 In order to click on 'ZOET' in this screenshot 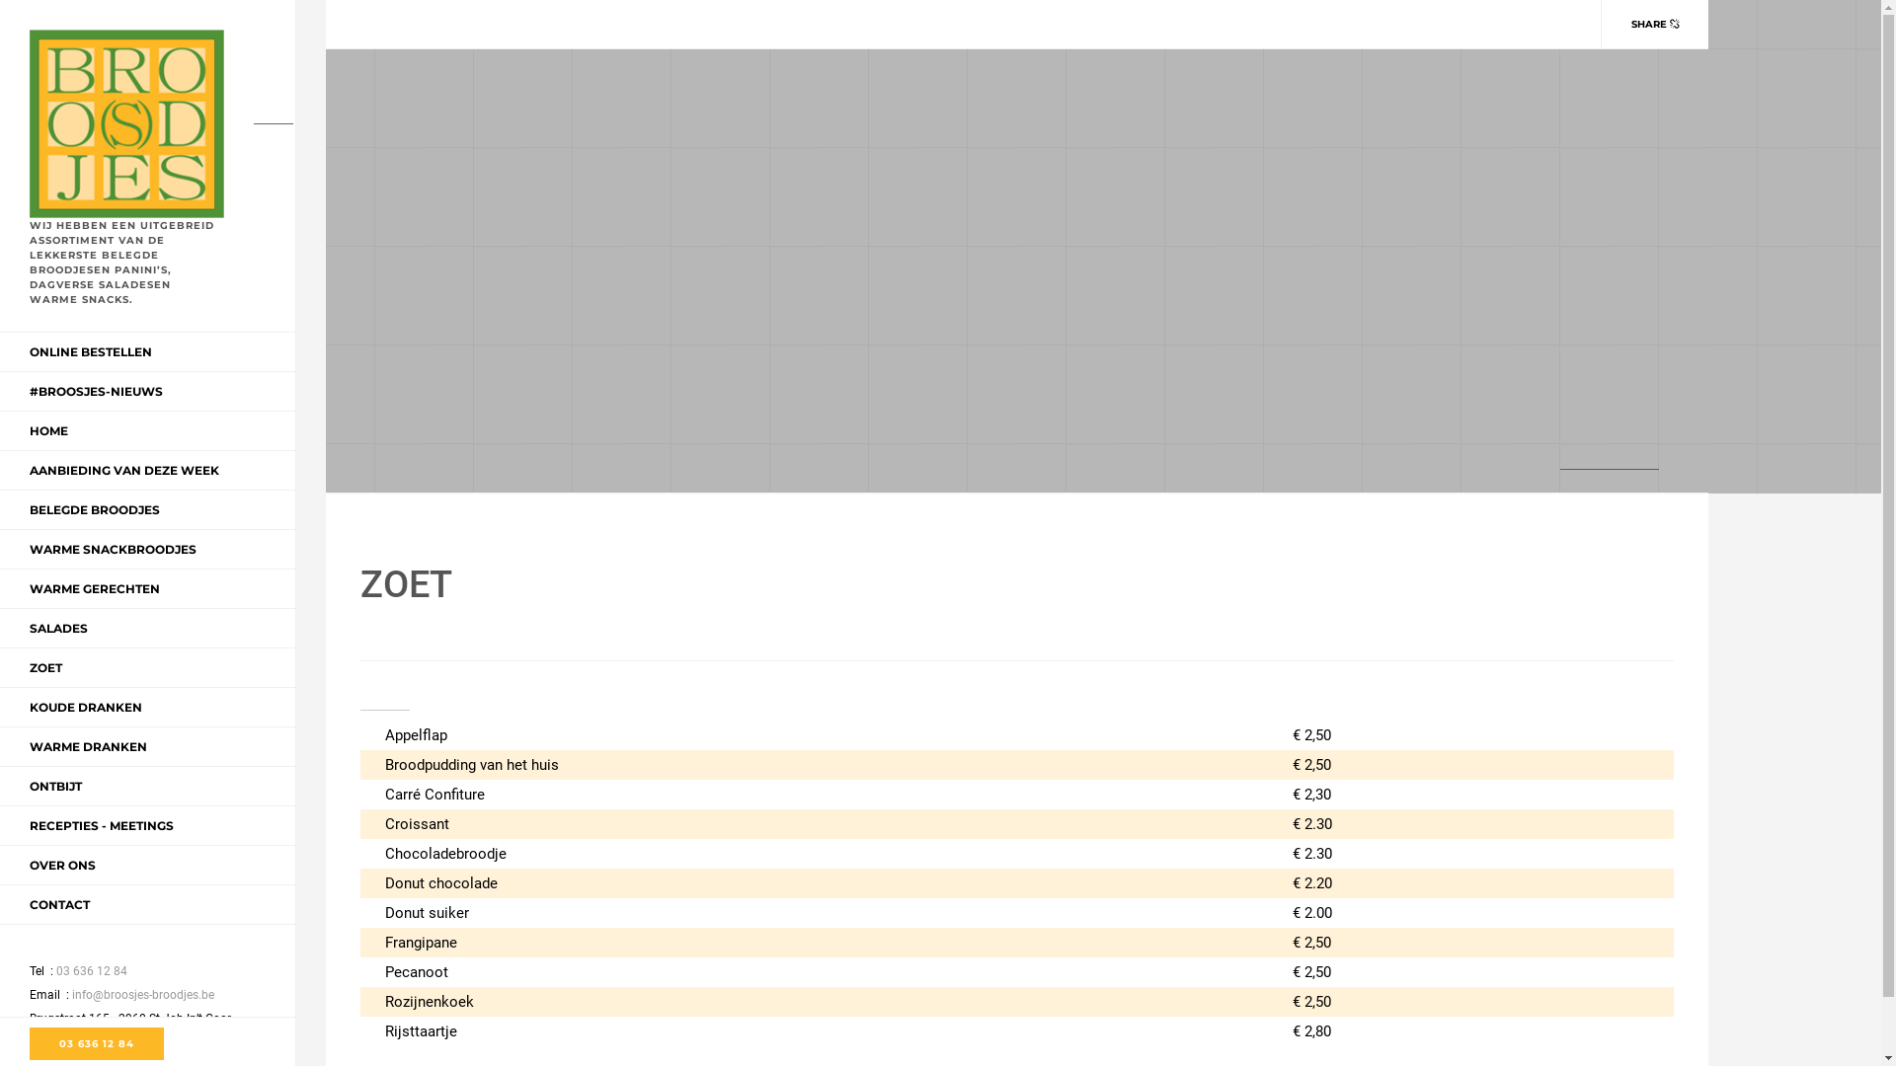, I will do `click(45, 666)`.